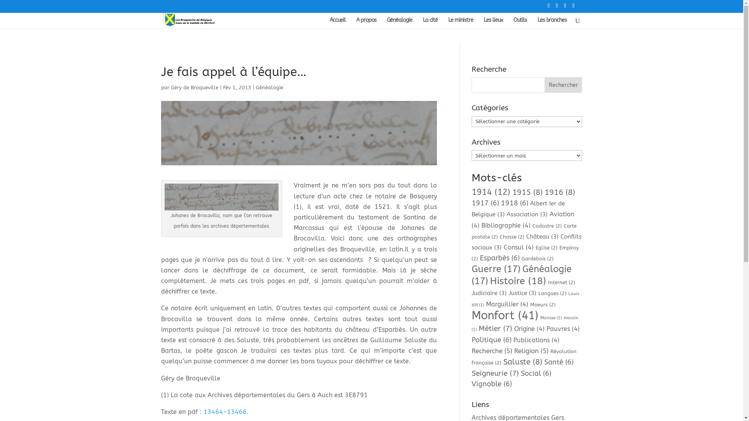 Image resolution: width=749 pixels, height=421 pixels. I want to click on 'Moeurs (2)', so click(530, 304).